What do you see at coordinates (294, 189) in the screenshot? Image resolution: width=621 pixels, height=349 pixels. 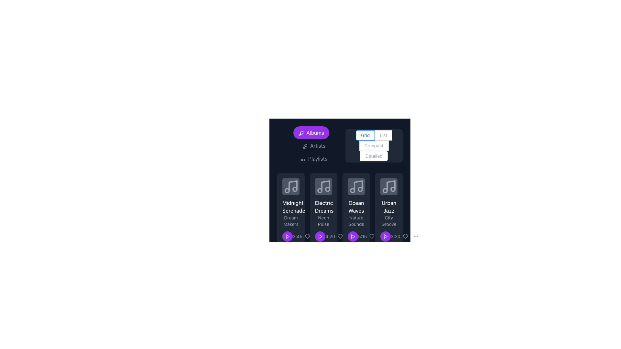 I see `the small gray circular icon representing part of a musical note within the third album card from the left` at bounding box center [294, 189].